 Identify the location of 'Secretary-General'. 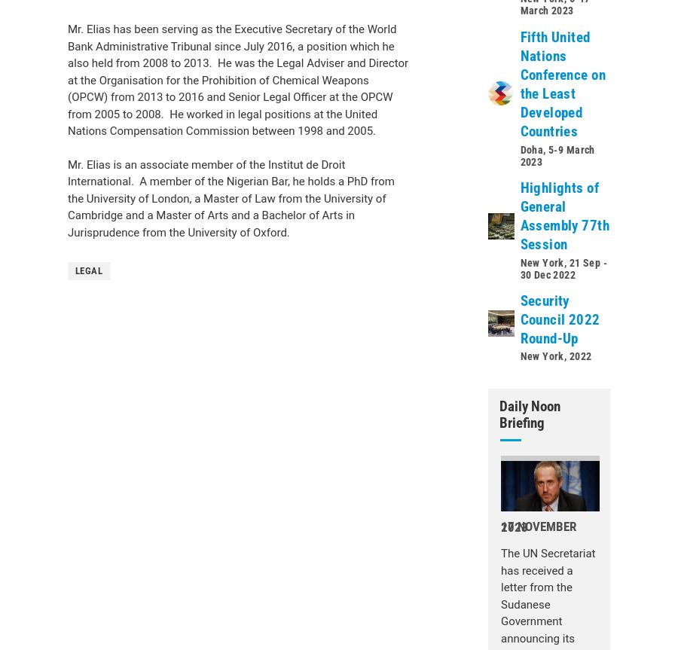
(87, 248).